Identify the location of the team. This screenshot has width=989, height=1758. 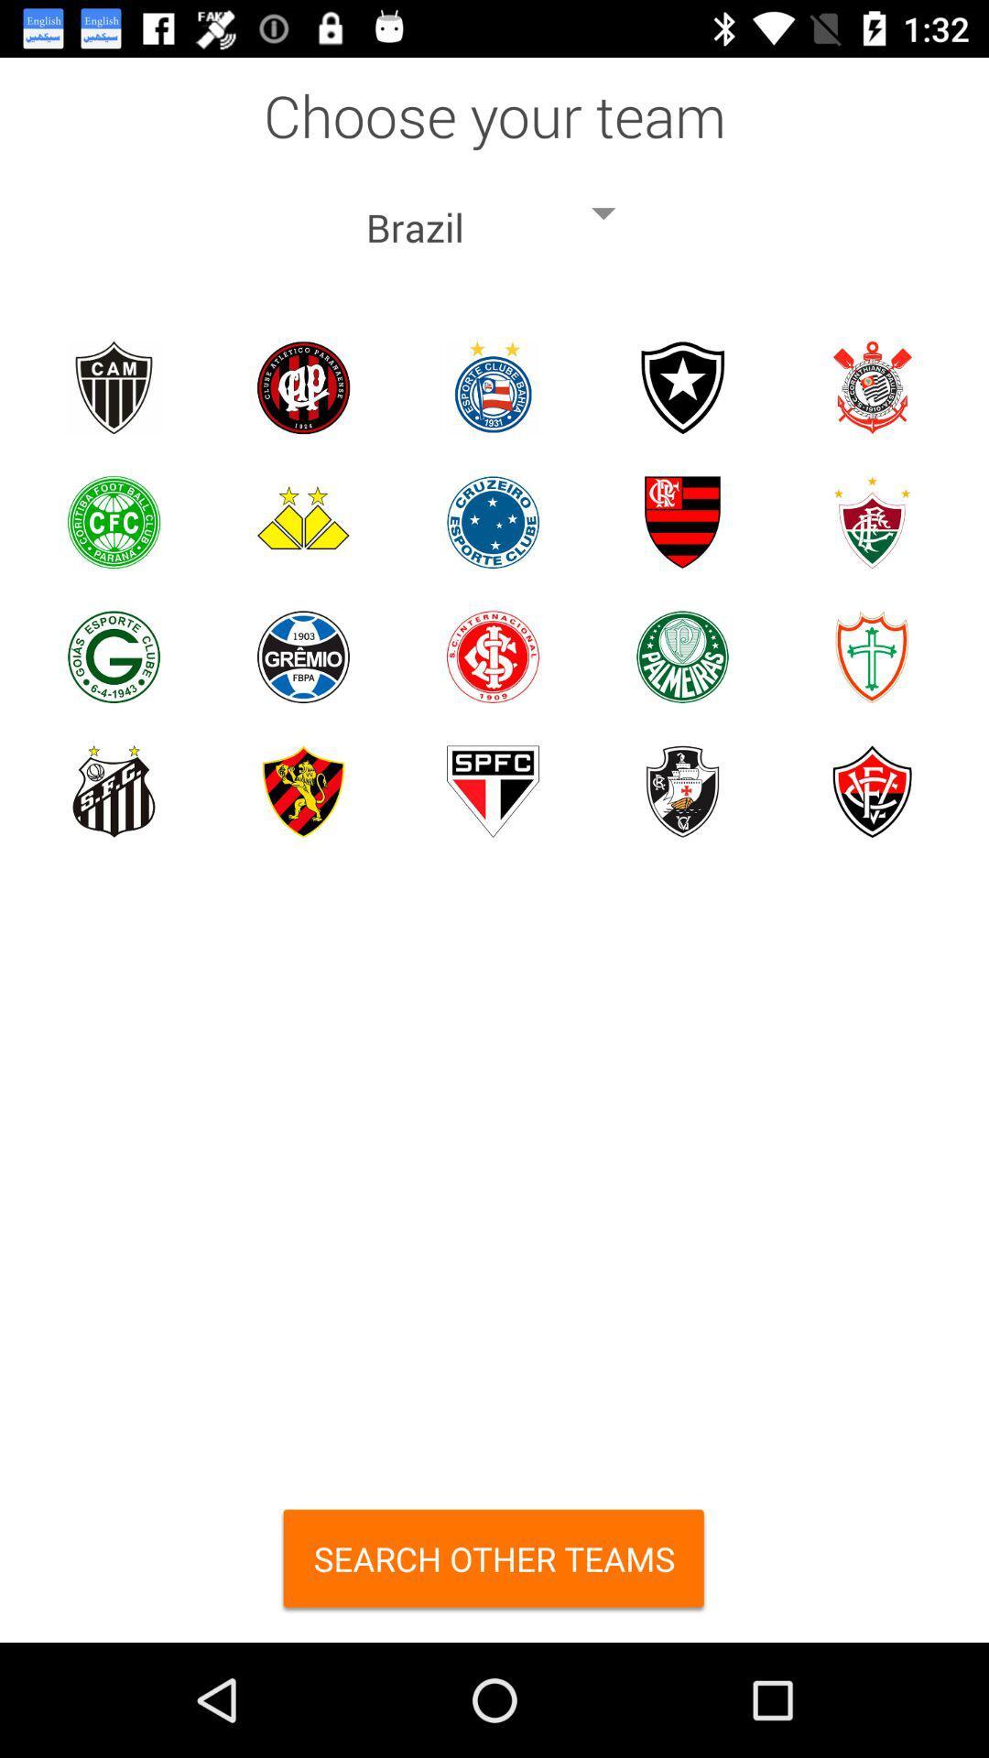
(492, 657).